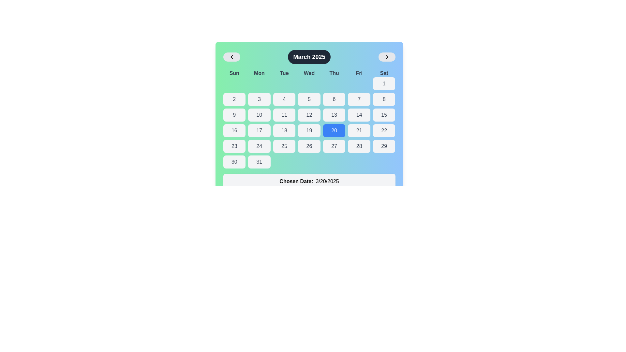  Describe the element at coordinates (234, 99) in the screenshot. I see `the selectable date button '2' in the calendar view` at that location.